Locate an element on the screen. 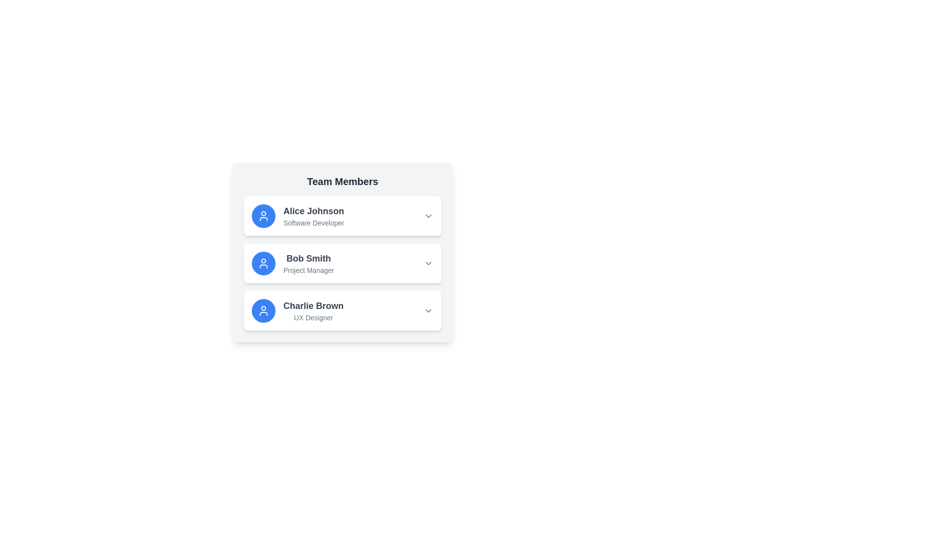 Image resolution: width=948 pixels, height=533 pixels. the text label component displaying 'Bob Smith', which is a bold and enlarged text in dark gray on a white background, positioned centrally as the second entry in a vertically stacked list is located at coordinates (308, 258).